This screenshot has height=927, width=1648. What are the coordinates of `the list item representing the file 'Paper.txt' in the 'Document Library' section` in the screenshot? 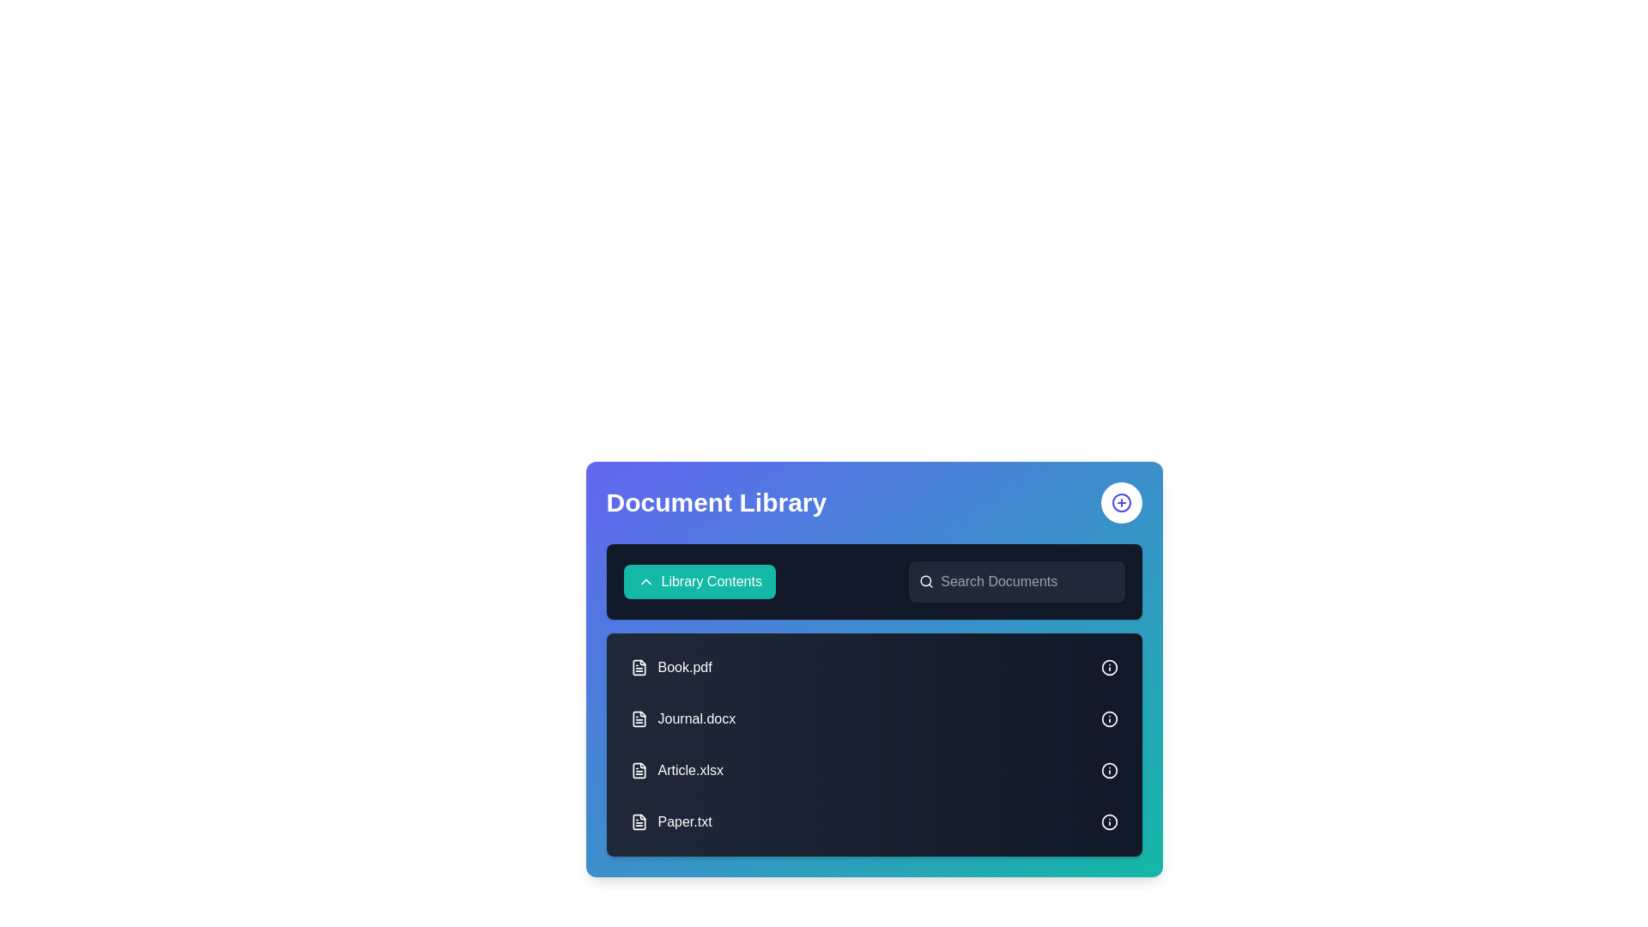 It's located at (874, 821).